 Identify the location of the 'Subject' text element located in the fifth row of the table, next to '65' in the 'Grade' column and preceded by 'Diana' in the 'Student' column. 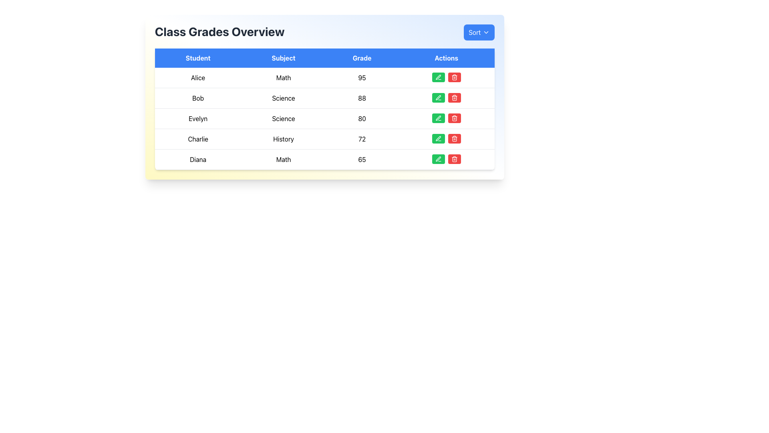
(284, 159).